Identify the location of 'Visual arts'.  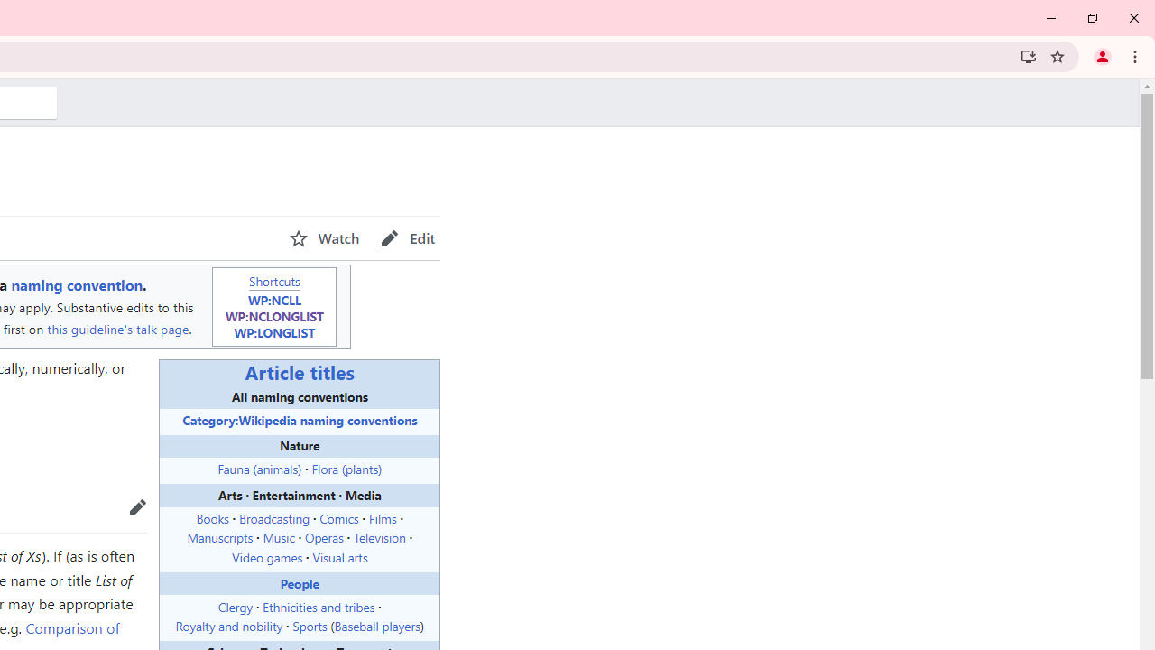
(339, 556).